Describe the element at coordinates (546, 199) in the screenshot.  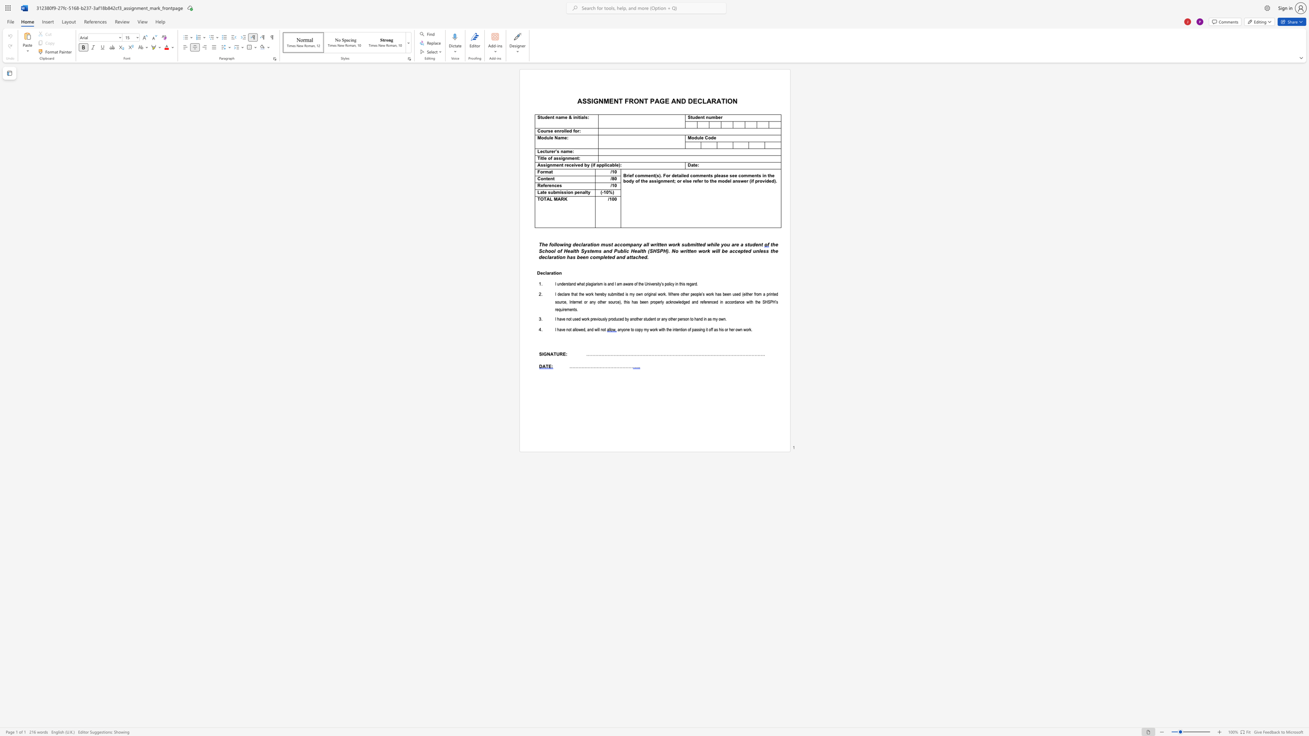
I see `the subset text "AL" within the text "TOTAL MARK"` at that location.